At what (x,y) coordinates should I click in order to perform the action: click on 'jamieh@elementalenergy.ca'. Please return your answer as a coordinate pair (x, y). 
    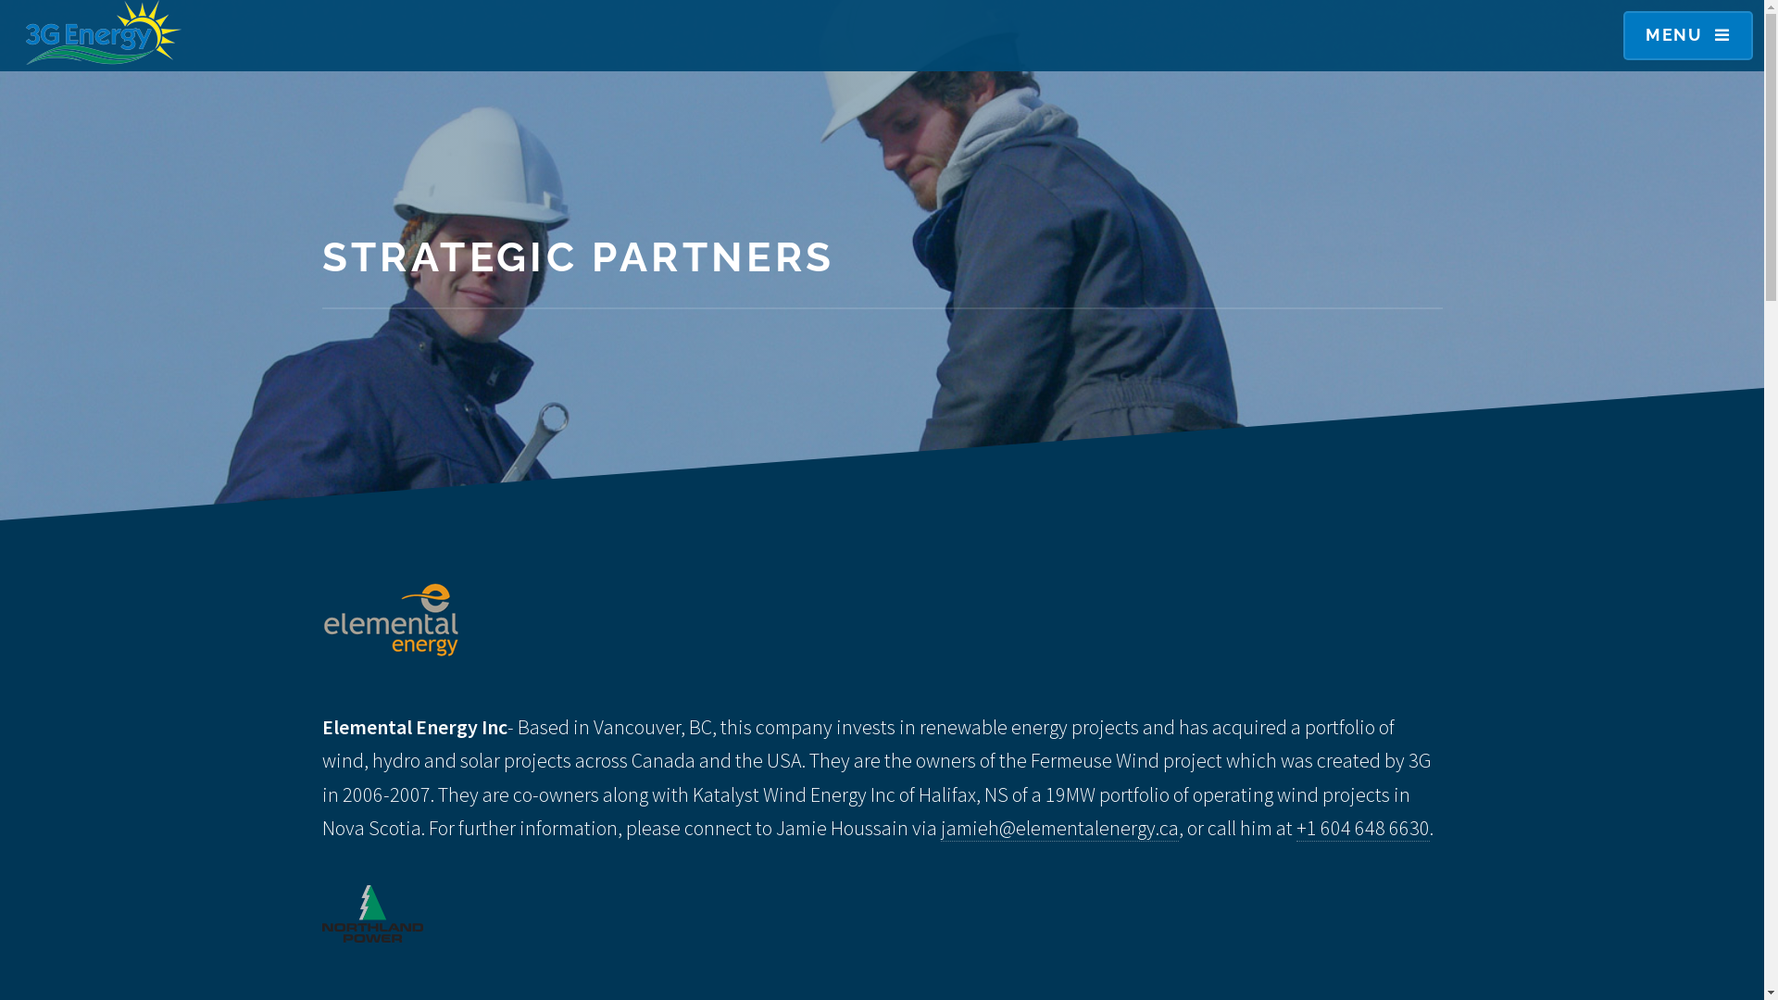
    Looking at the image, I should click on (1059, 827).